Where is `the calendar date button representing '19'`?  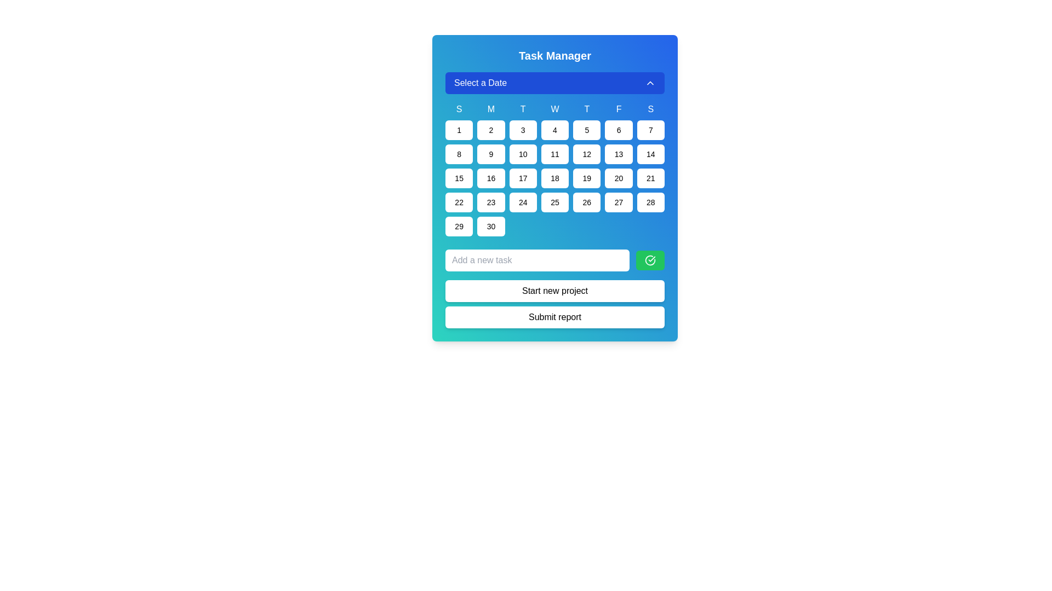
the calendar date button representing '19' is located at coordinates (586, 178).